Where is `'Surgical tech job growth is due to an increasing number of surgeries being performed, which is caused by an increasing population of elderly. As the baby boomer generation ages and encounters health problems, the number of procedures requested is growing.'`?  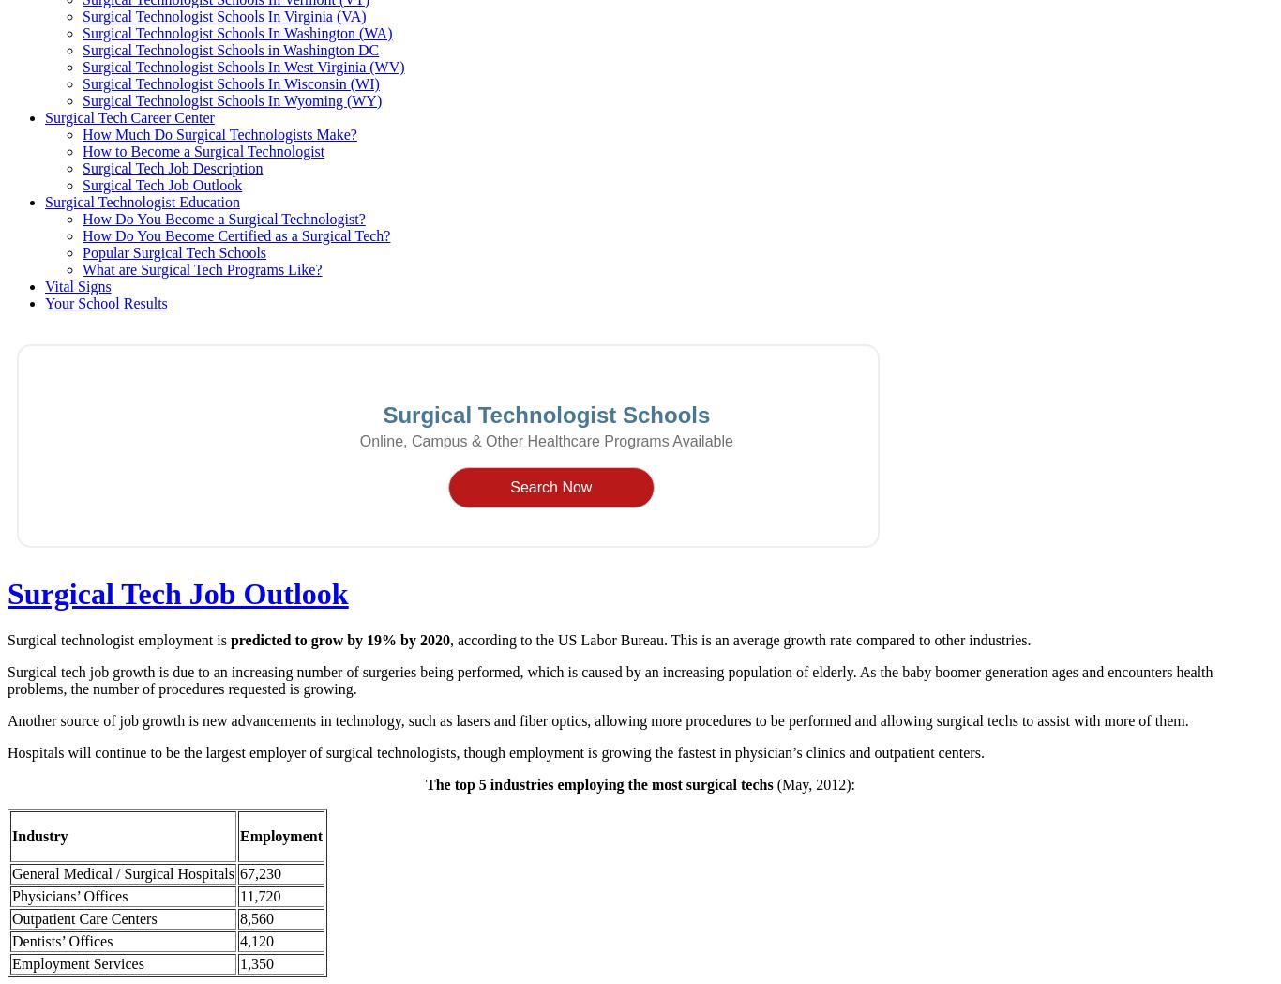
'Surgical tech job growth is due to an increasing number of surgeries being performed, which is caused by an increasing population of elderly. As the baby boomer generation ages and encounters health problems, the number of procedures requested is growing.' is located at coordinates (609, 679).